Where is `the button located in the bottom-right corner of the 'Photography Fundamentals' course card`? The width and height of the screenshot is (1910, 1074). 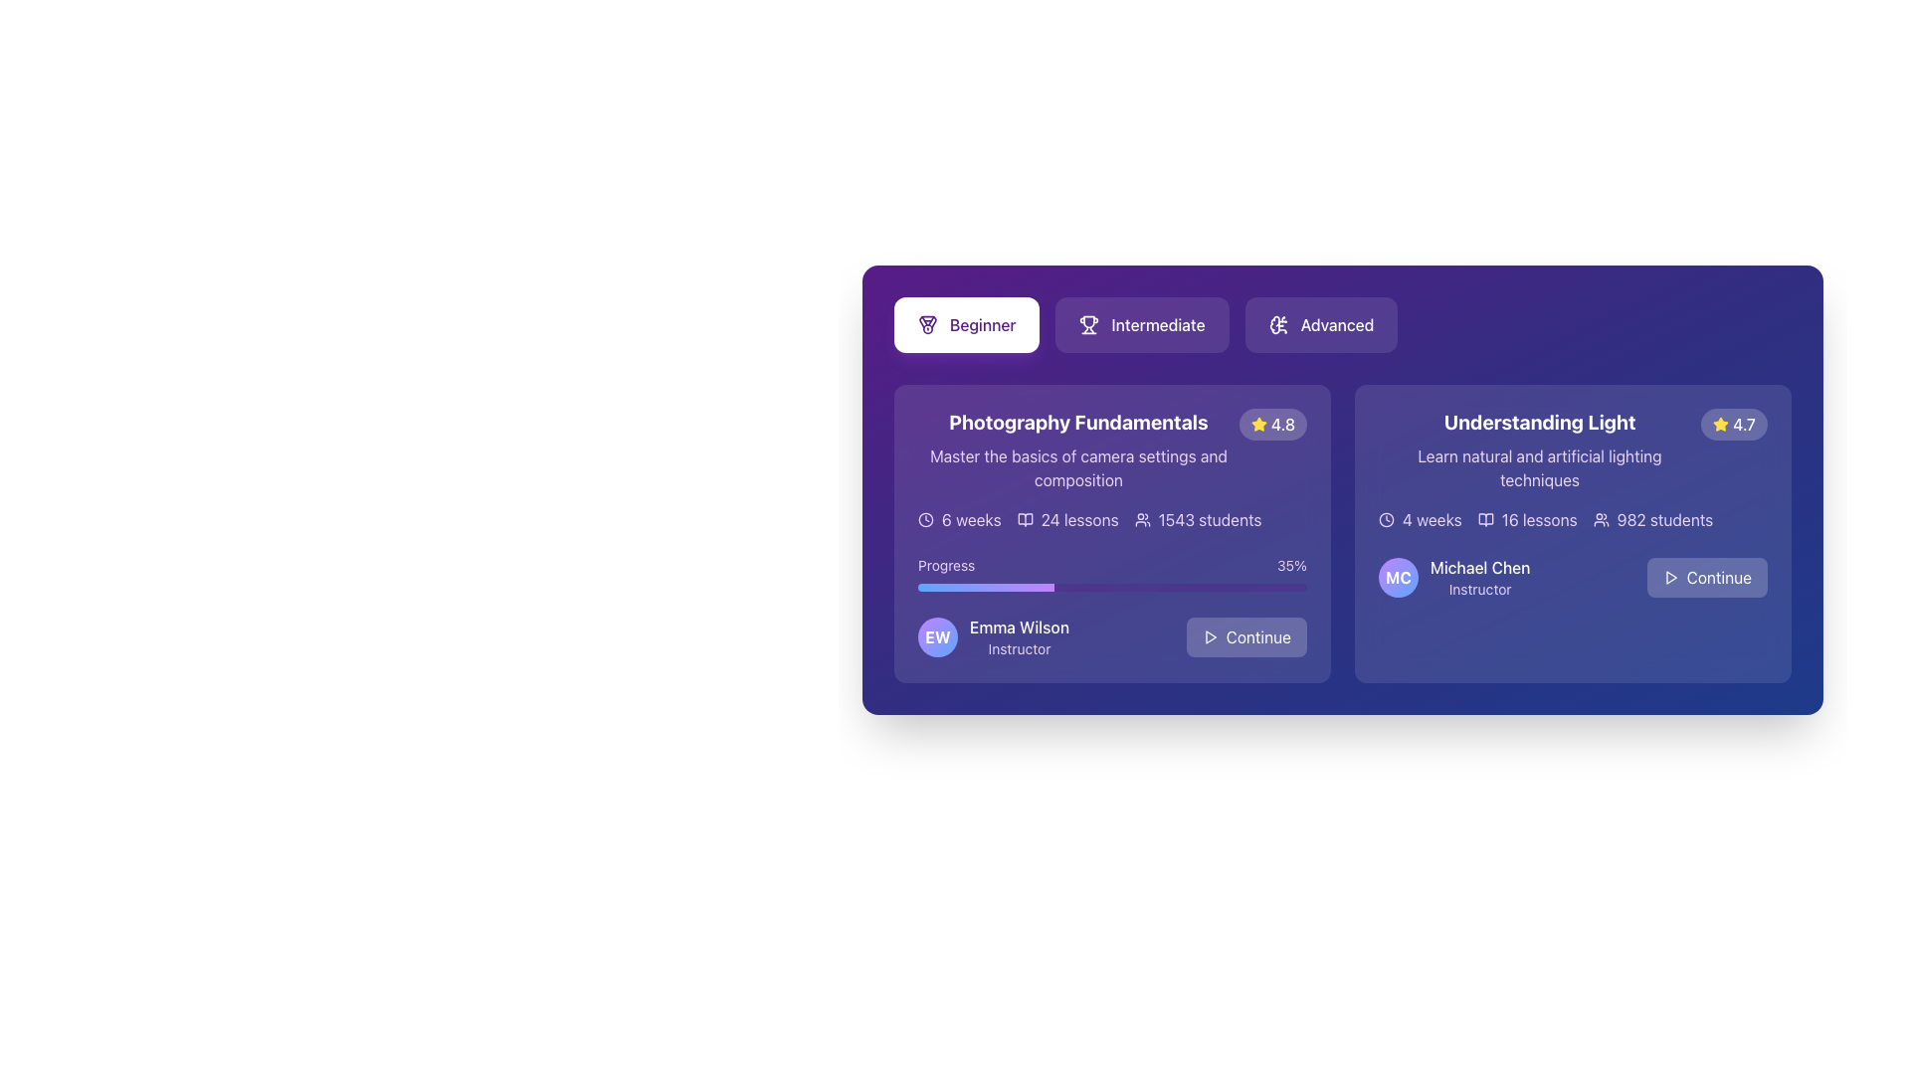
the button located in the bottom-right corner of the 'Photography Fundamentals' course card is located at coordinates (1245, 636).